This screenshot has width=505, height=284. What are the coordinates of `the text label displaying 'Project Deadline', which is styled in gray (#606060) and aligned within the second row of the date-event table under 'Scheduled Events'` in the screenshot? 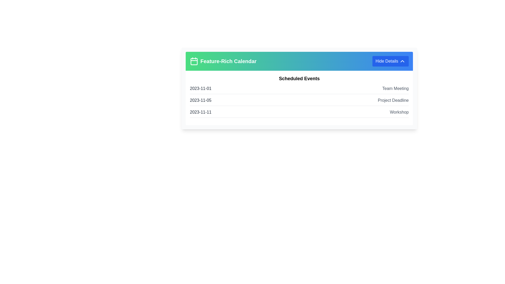 It's located at (393, 100).